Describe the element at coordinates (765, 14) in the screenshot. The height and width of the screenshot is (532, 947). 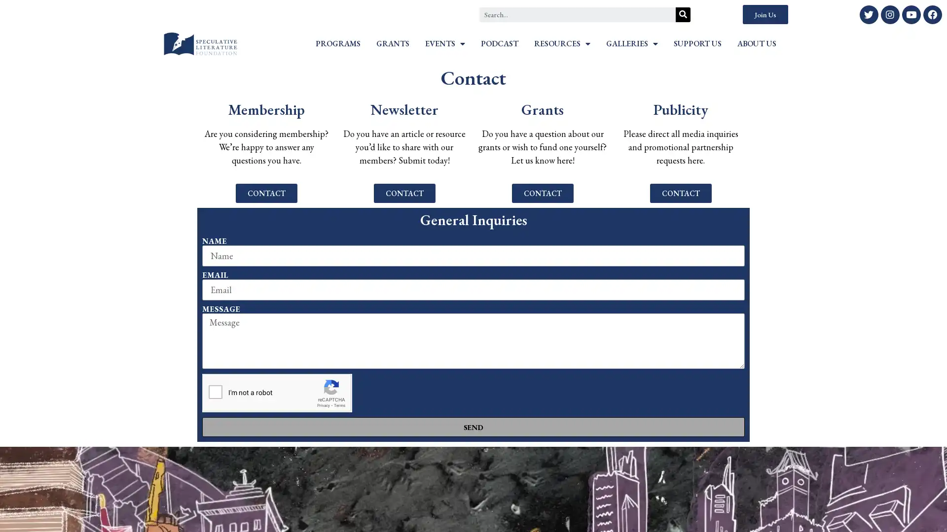
I see `Join Us` at that location.